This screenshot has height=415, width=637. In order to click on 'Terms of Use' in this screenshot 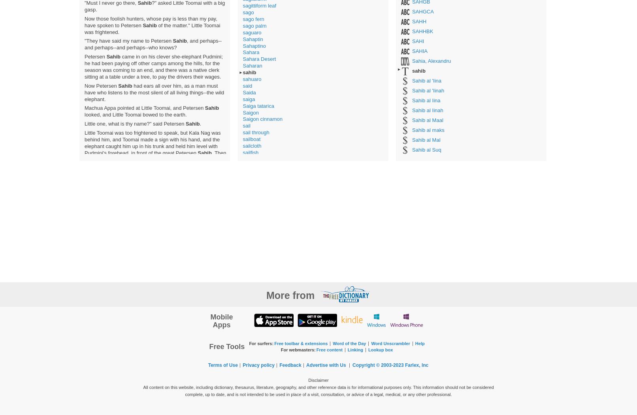, I will do `click(222, 365)`.